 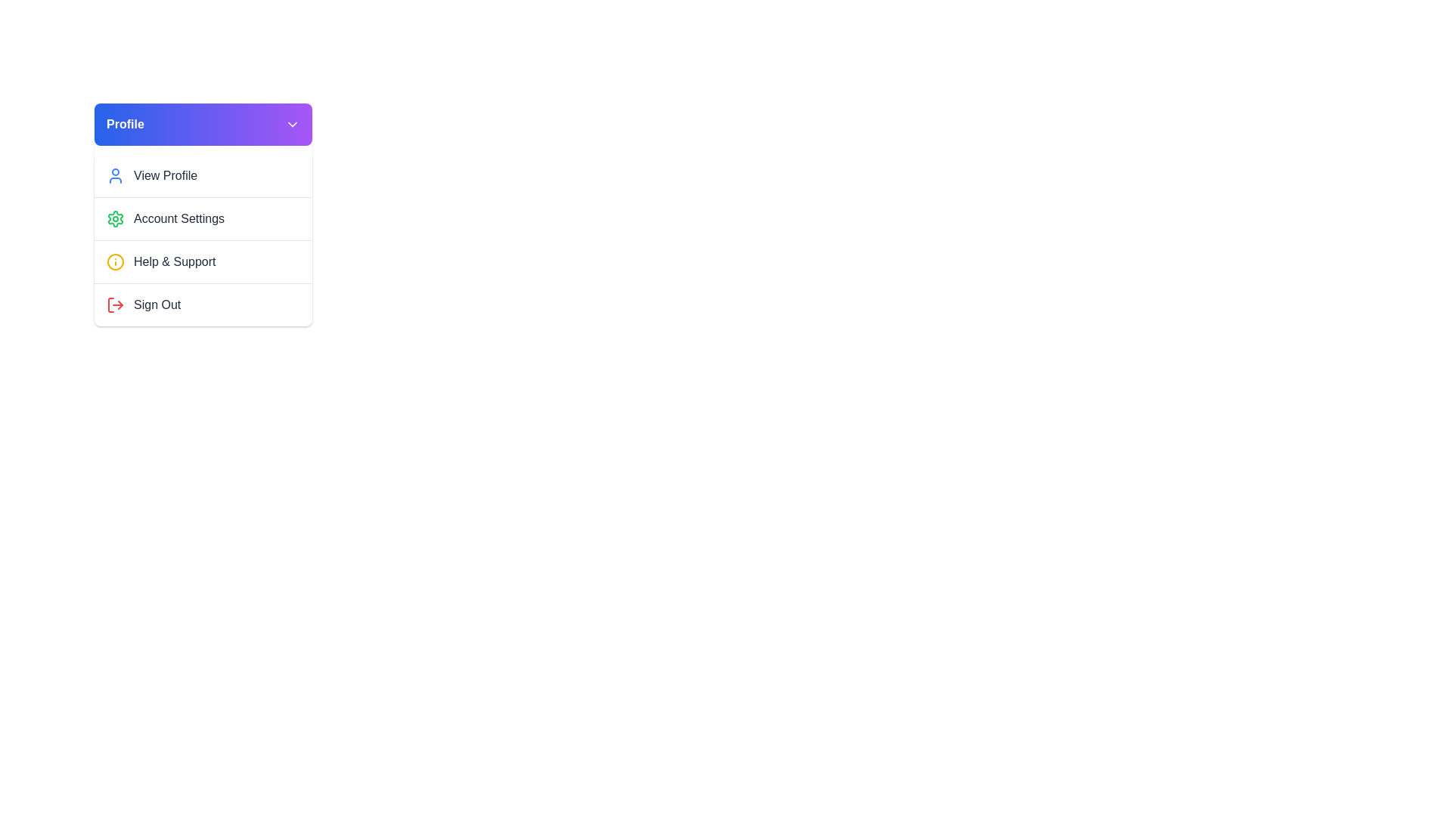 I want to click on the account configuration settings button located below the 'View Profile' button and above the 'Help & Support' button in the dropdown menu, so click(x=202, y=215).